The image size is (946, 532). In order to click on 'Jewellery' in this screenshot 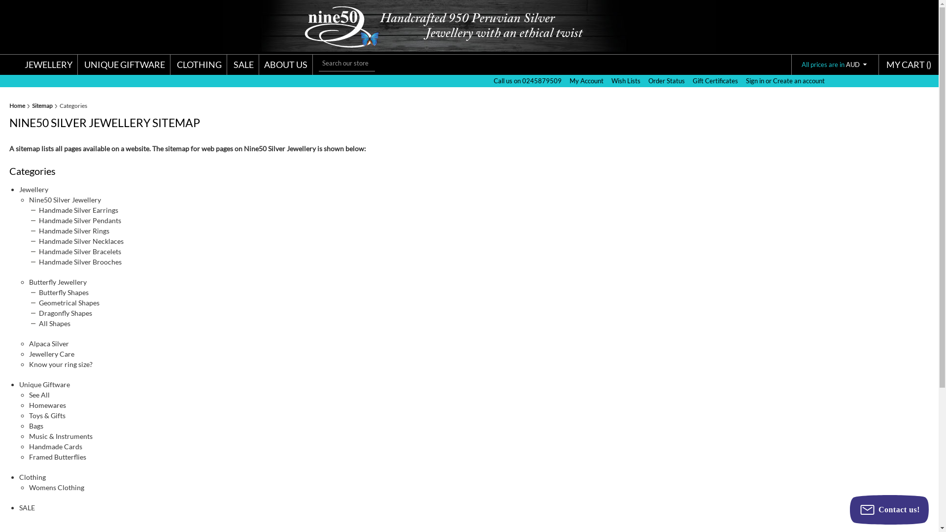, I will do `click(34, 189)`.